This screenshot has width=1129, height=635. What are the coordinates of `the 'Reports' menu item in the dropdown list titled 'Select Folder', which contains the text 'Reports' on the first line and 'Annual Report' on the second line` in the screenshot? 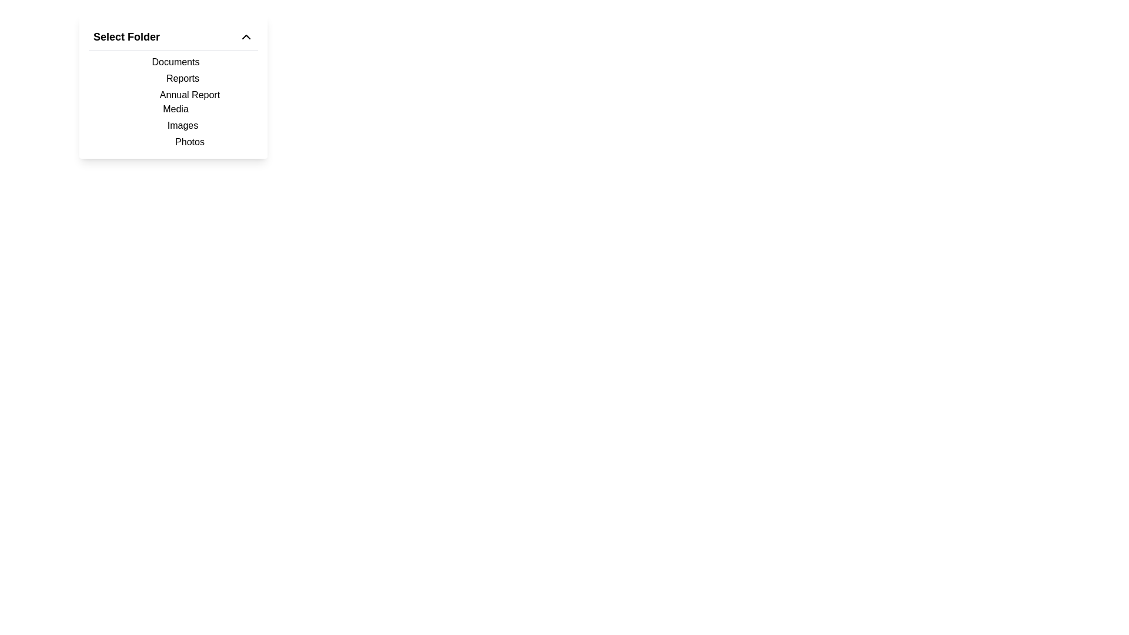 It's located at (180, 86).